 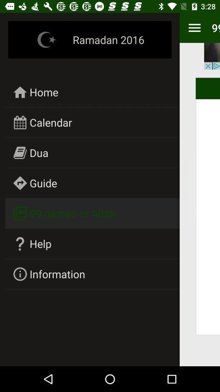 I want to click on item below help item, so click(x=57, y=274).